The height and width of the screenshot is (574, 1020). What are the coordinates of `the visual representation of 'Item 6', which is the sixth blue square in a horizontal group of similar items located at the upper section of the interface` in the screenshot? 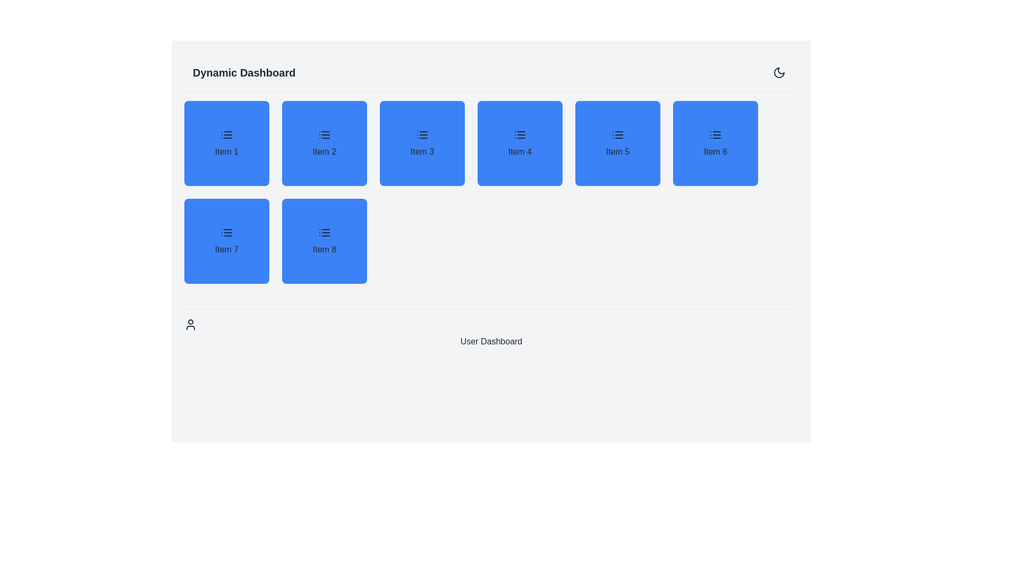 It's located at (716, 143).